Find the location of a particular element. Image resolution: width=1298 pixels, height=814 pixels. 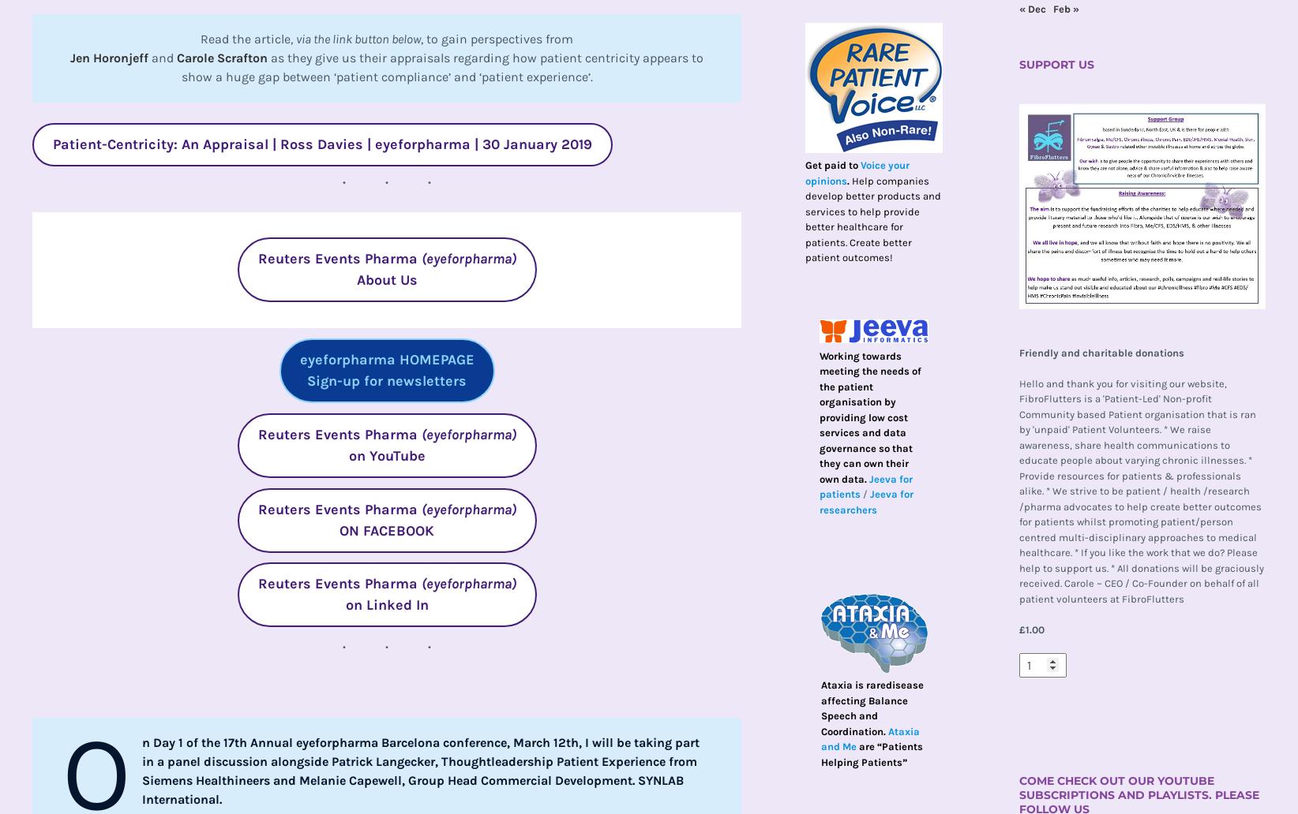

'« Dec' is located at coordinates (1019, 8).